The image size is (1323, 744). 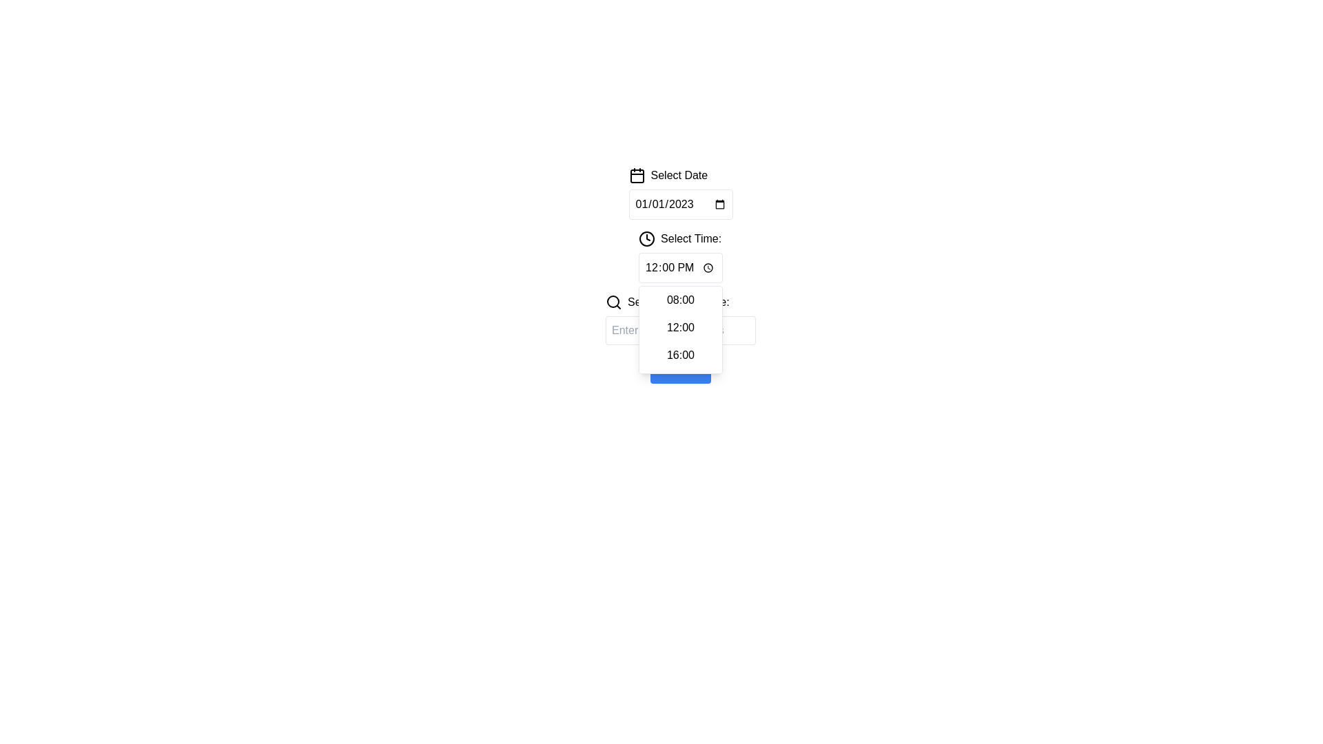 What do you see at coordinates (681, 276) in the screenshot?
I see `the dropdown menu options` at bounding box center [681, 276].